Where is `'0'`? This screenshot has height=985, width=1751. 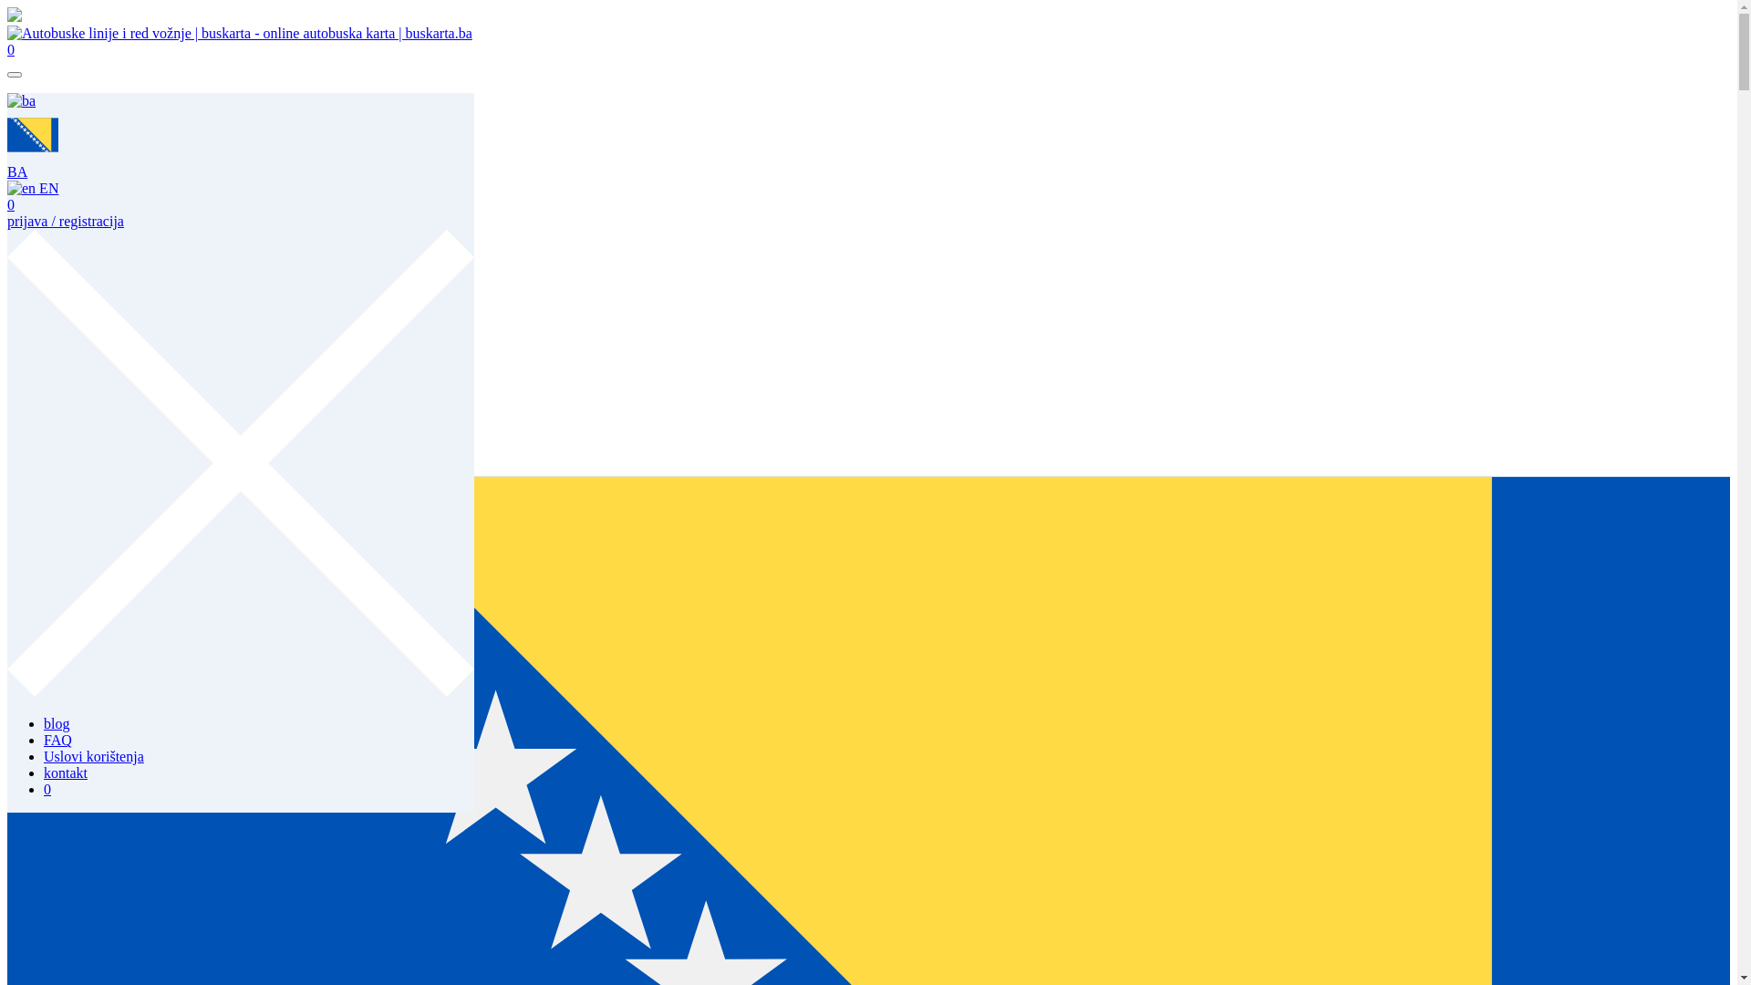
'0' is located at coordinates (47, 166).